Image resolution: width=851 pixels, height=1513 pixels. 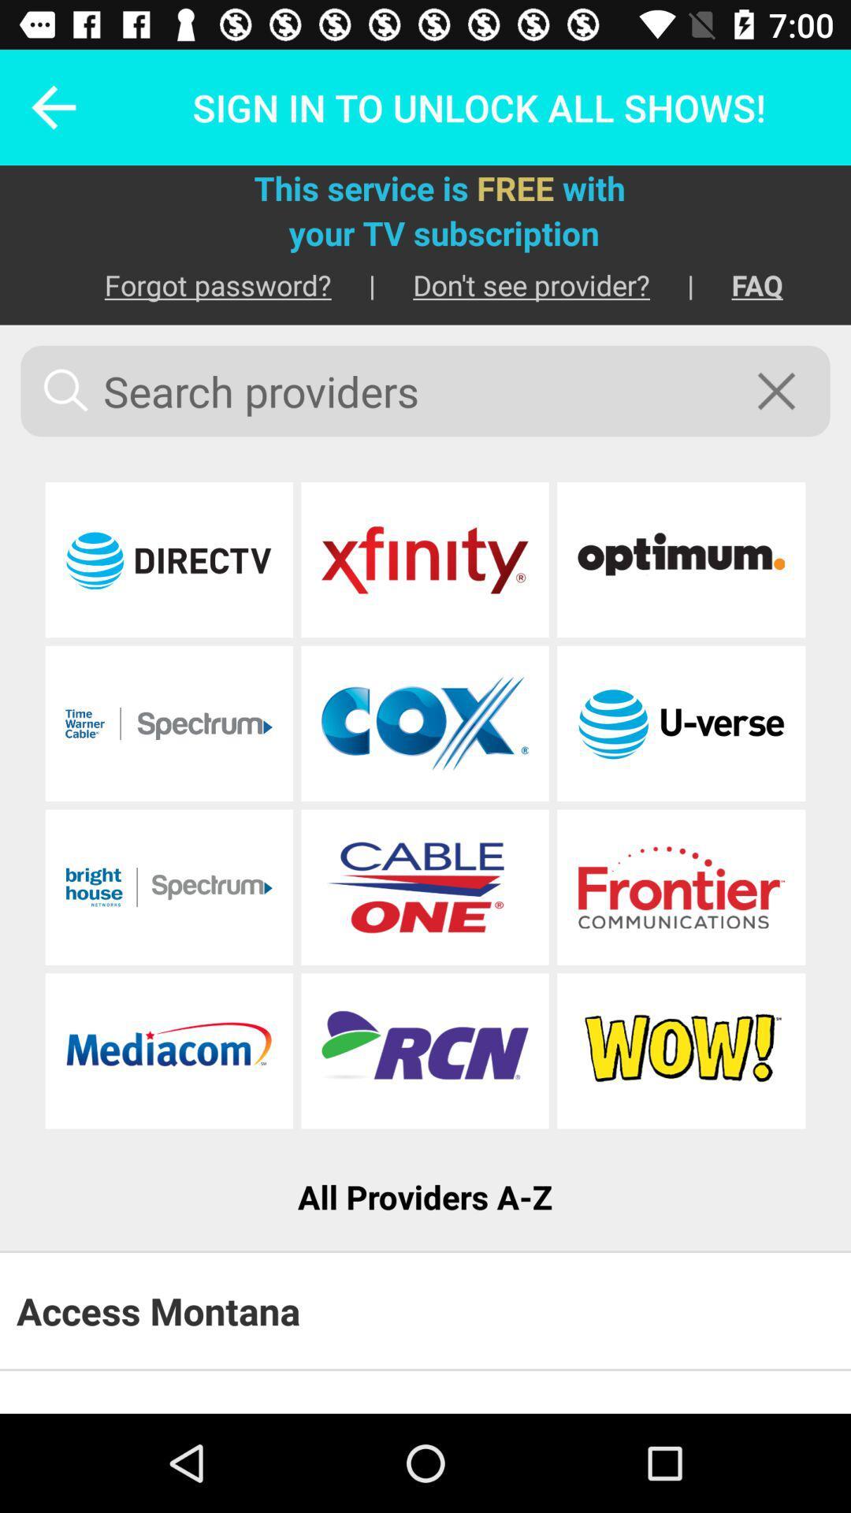 I want to click on check wow service provider, so click(x=680, y=1050).